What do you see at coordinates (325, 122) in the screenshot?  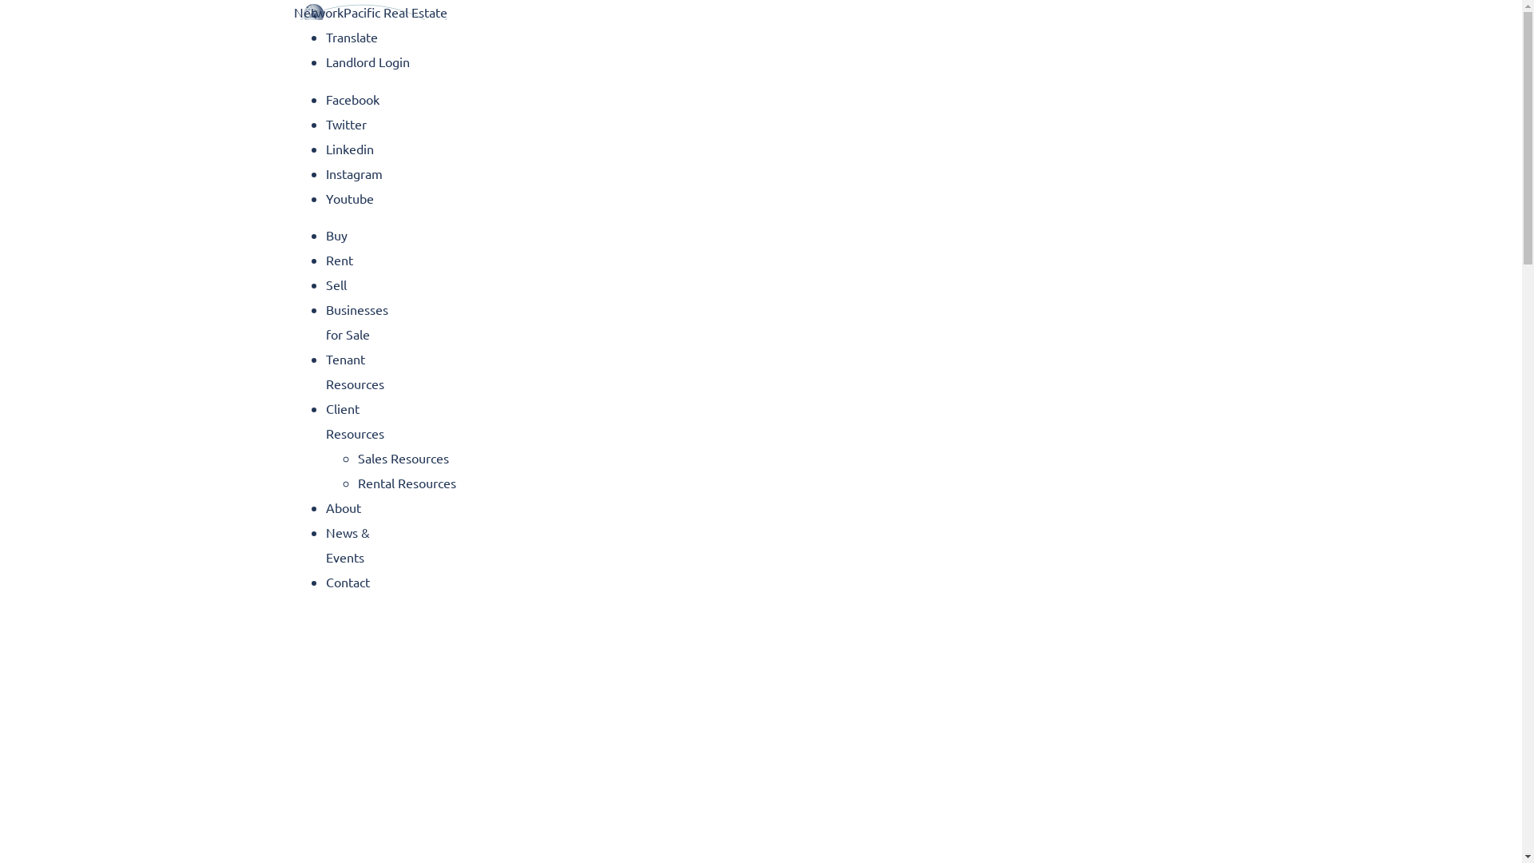 I see `'Twitter'` at bounding box center [325, 122].